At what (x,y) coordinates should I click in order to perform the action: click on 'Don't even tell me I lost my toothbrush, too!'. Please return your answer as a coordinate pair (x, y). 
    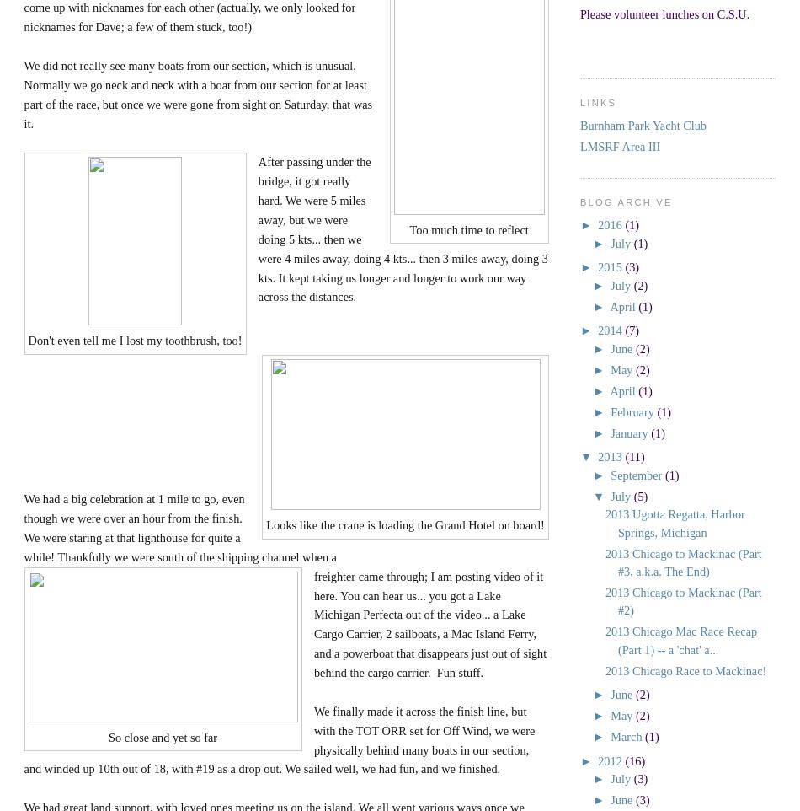
    Looking at the image, I should click on (134, 340).